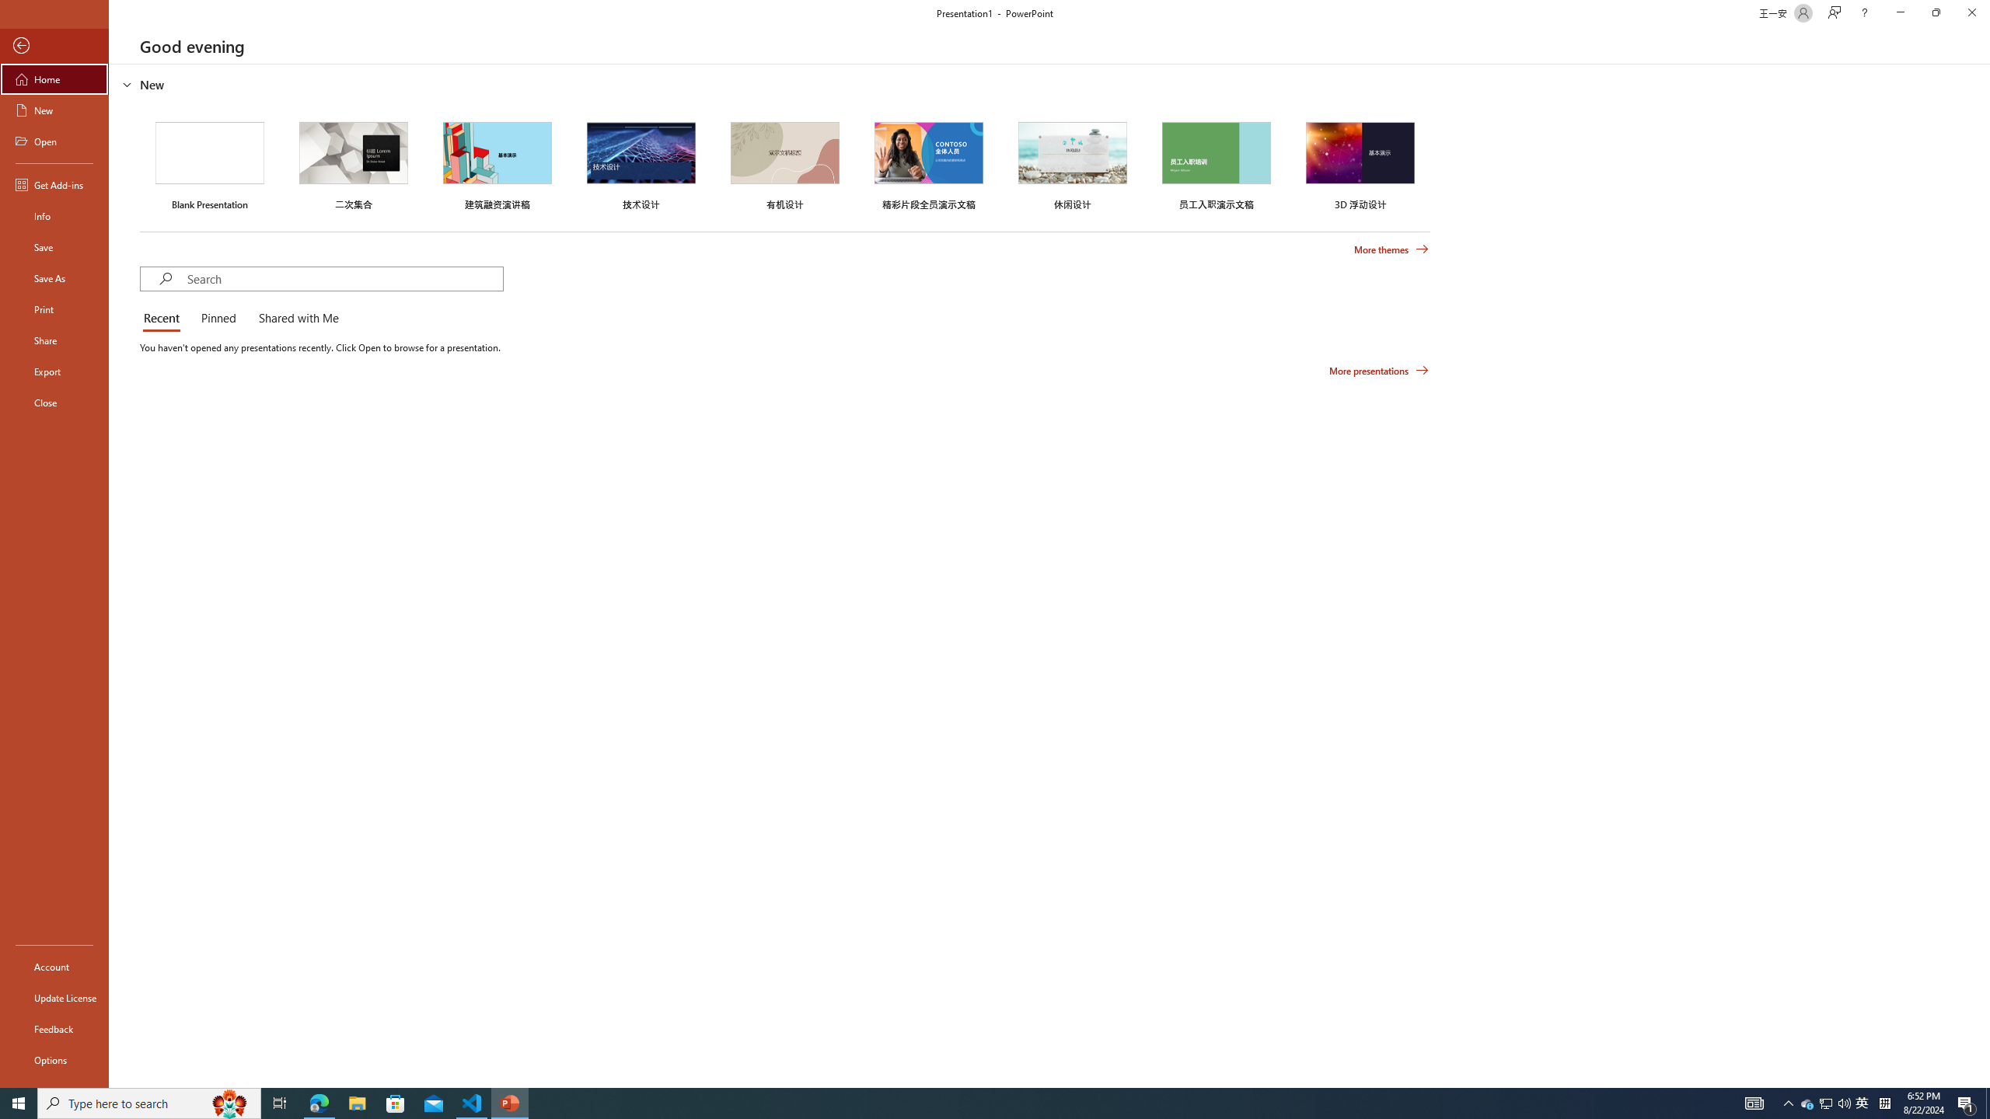 This screenshot has width=1990, height=1119. I want to click on 'New', so click(54, 110).